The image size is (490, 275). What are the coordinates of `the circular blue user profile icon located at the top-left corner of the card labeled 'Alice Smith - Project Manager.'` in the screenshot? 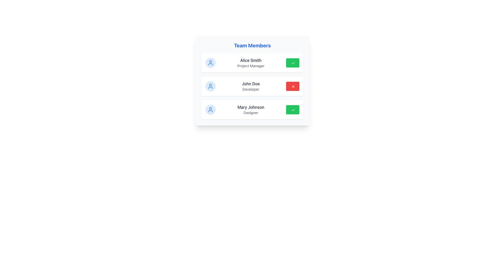 It's located at (211, 62).